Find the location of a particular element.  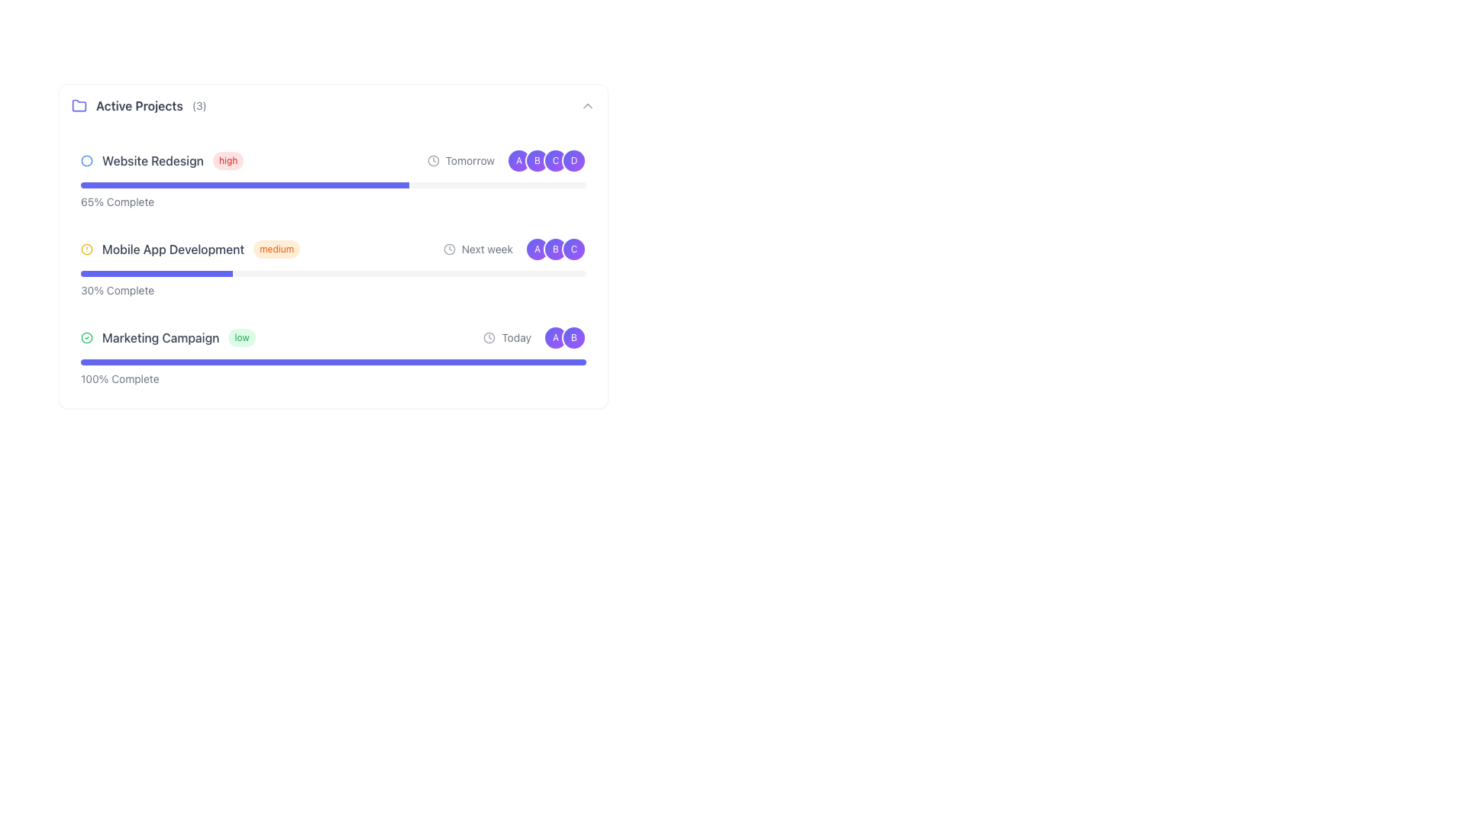

the avatars within the 'Marketing Campaign' project widget is located at coordinates (534, 337).